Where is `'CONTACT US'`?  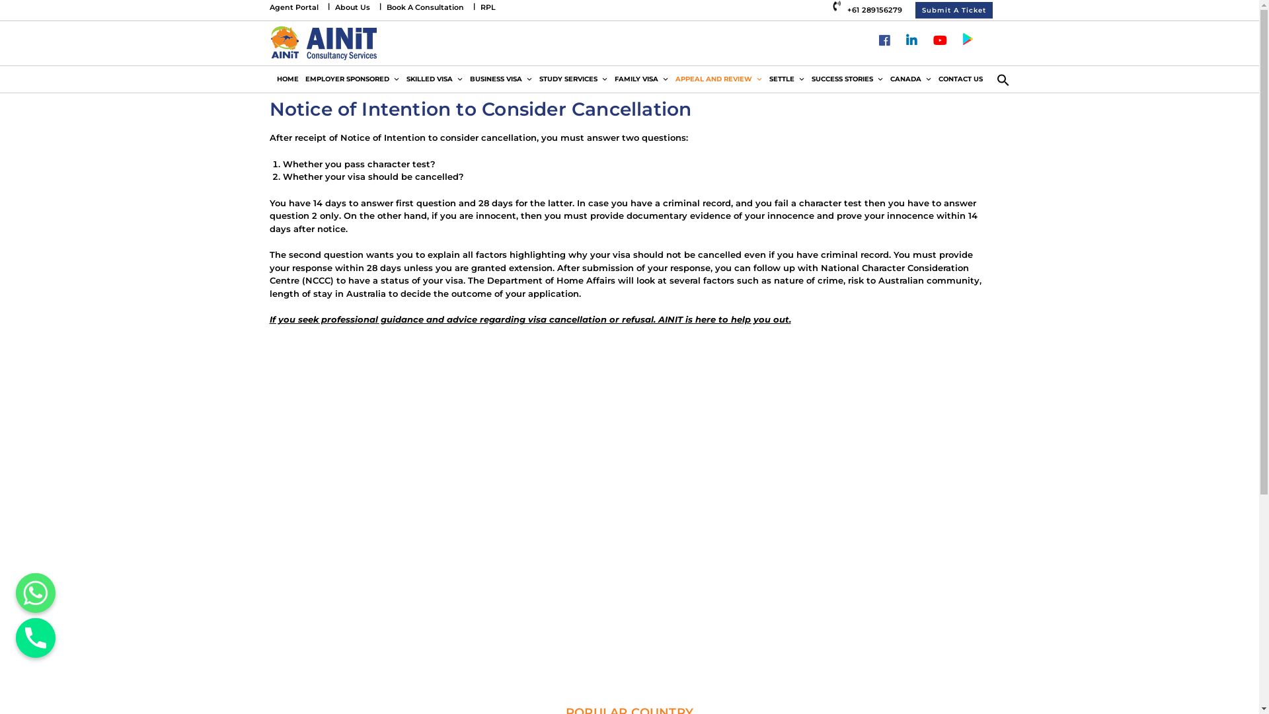 'CONTACT US' is located at coordinates (934, 79).